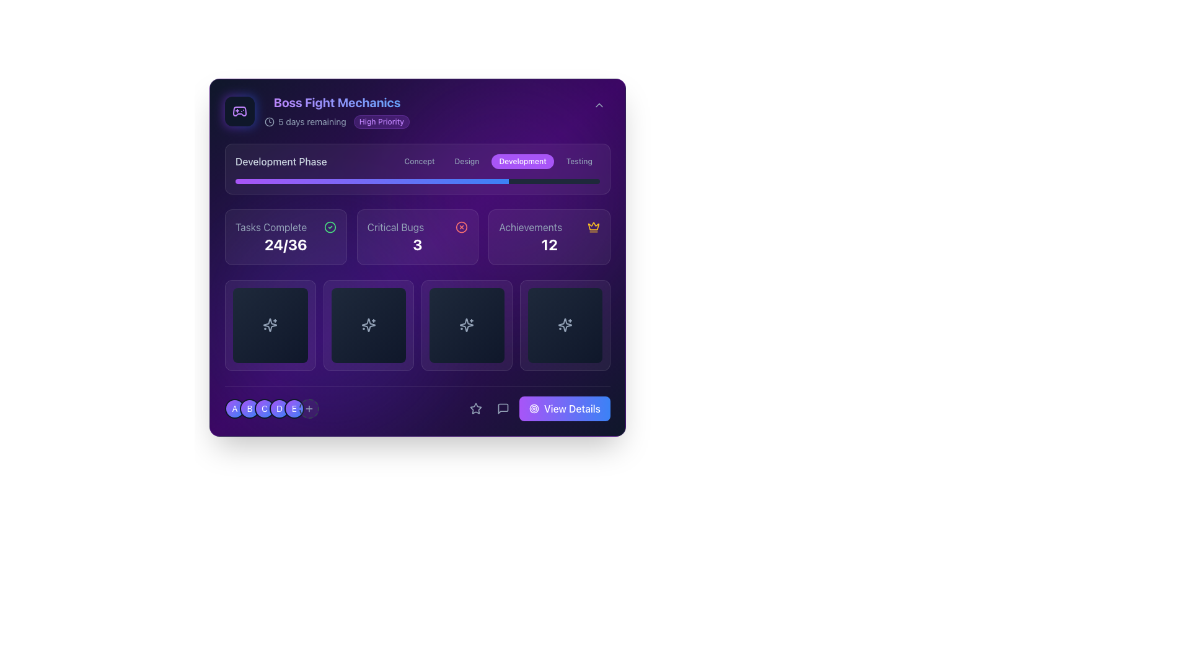  Describe the element at coordinates (549, 237) in the screenshot. I see `the Informational Card that indicates the count of achievements ('12'), which is the third card in a row of three, positioned on the far-right below the progress section` at that location.